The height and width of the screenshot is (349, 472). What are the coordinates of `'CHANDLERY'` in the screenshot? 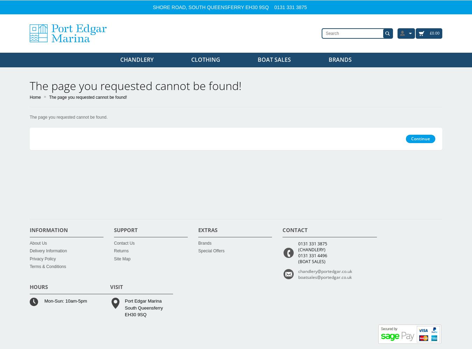 It's located at (137, 60).